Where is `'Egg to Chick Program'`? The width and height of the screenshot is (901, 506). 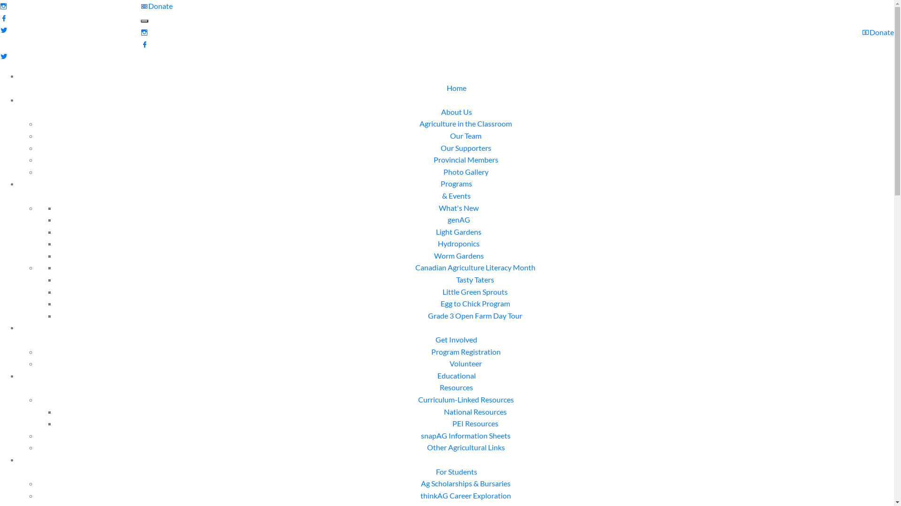 'Egg to Chick Program' is located at coordinates (475, 303).